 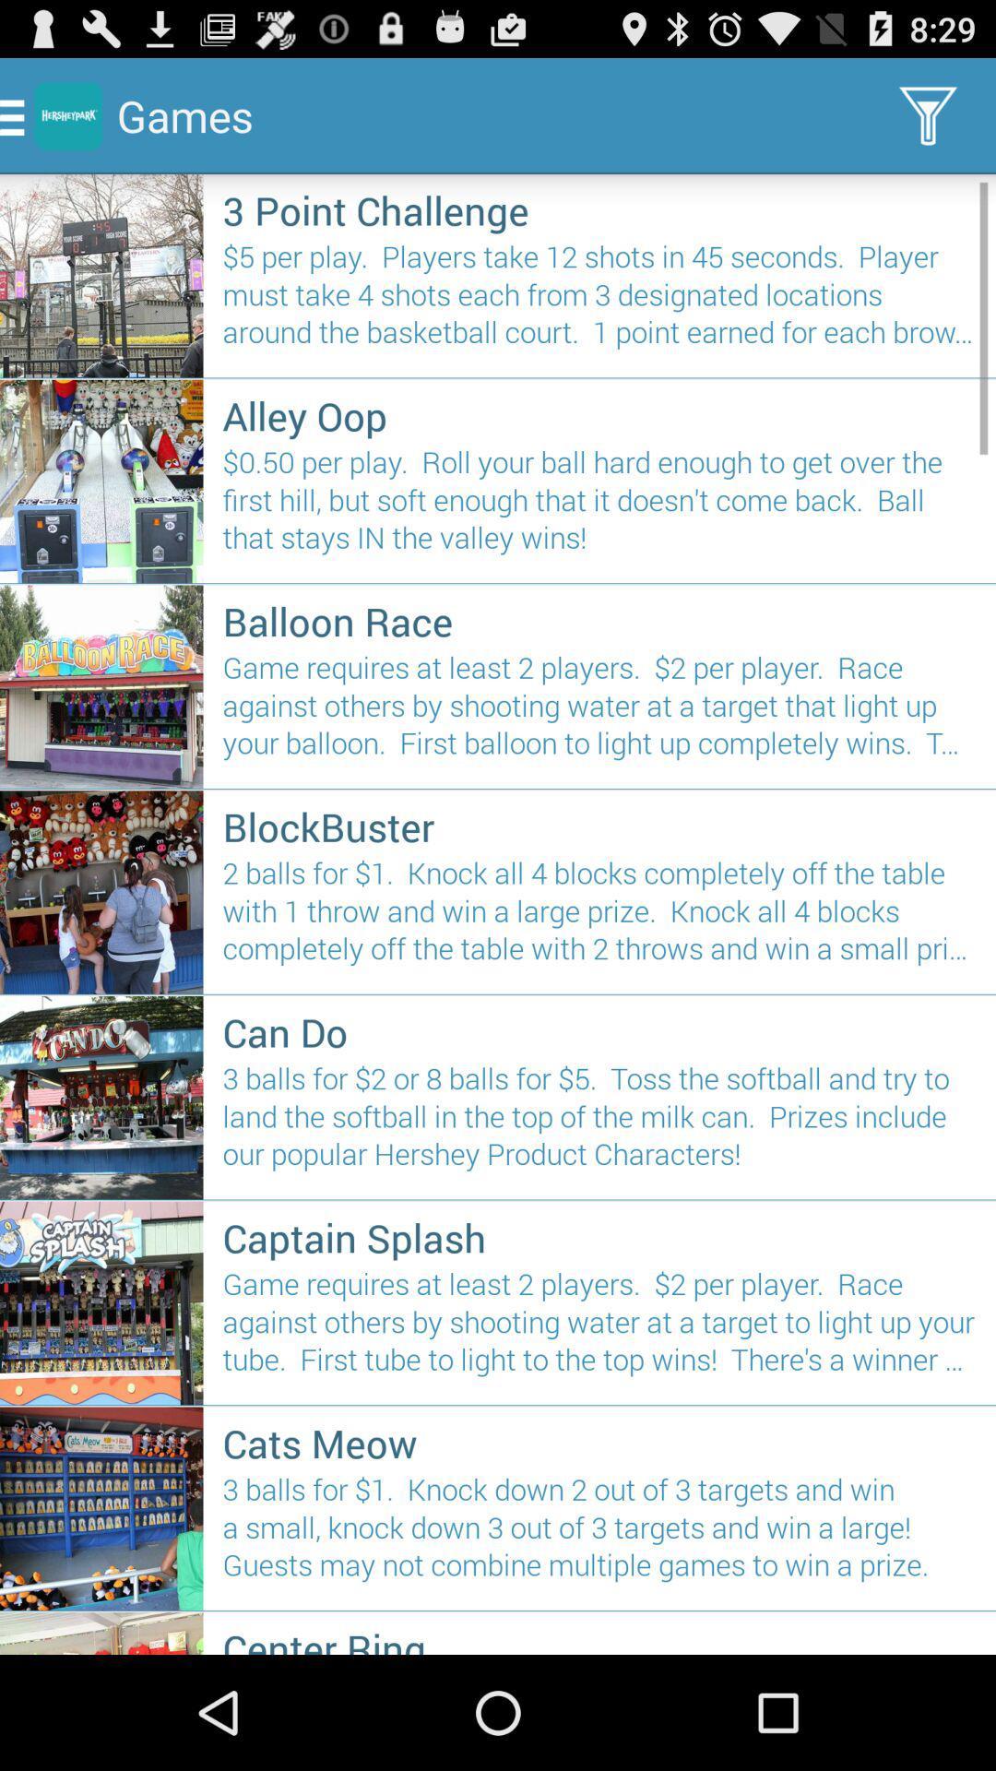 I want to click on icon at the top right corner, so click(x=928, y=114).